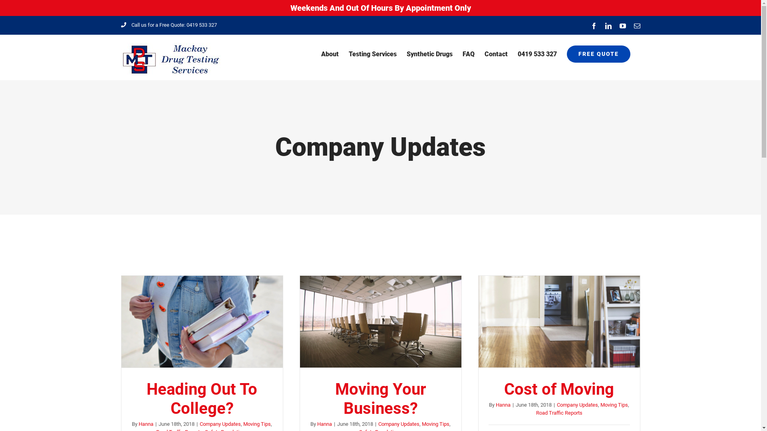 The image size is (767, 431). I want to click on 'Hanna', so click(503, 405).